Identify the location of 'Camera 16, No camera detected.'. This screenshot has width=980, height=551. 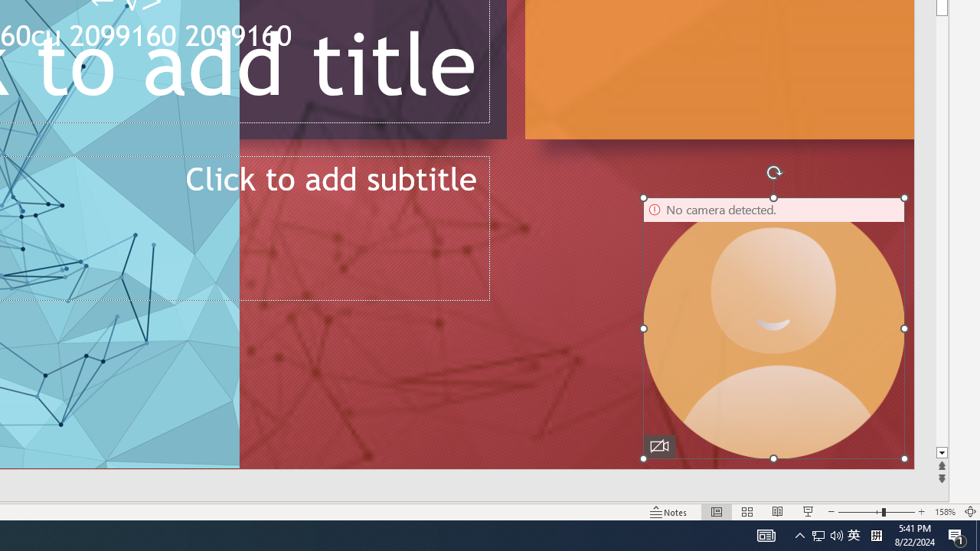
(773, 328).